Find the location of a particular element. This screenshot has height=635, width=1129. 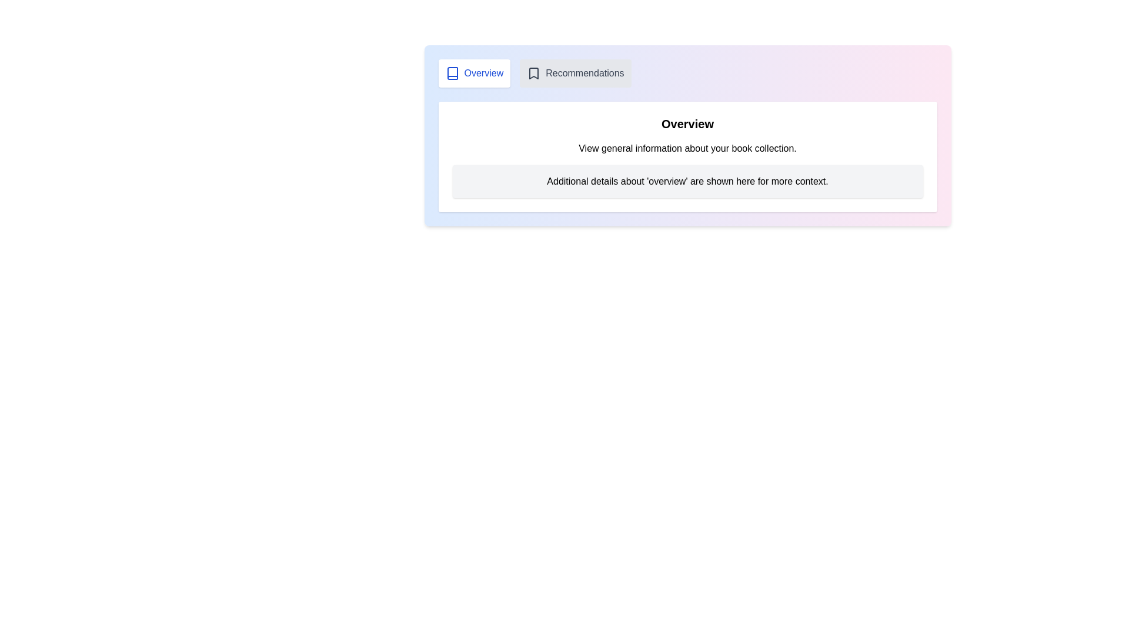

the Recommendations tab by clicking on its button is located at coordinates (575, 73).